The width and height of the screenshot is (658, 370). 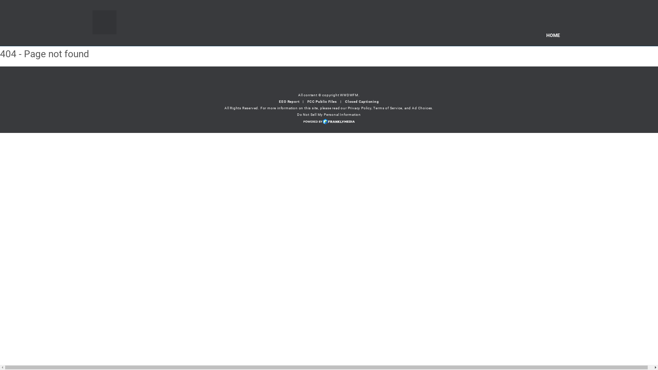 What do you see at coordinates (388, 108) in the screenshot?
I see `'Terms of Service'` at bounding box center [388, 108].